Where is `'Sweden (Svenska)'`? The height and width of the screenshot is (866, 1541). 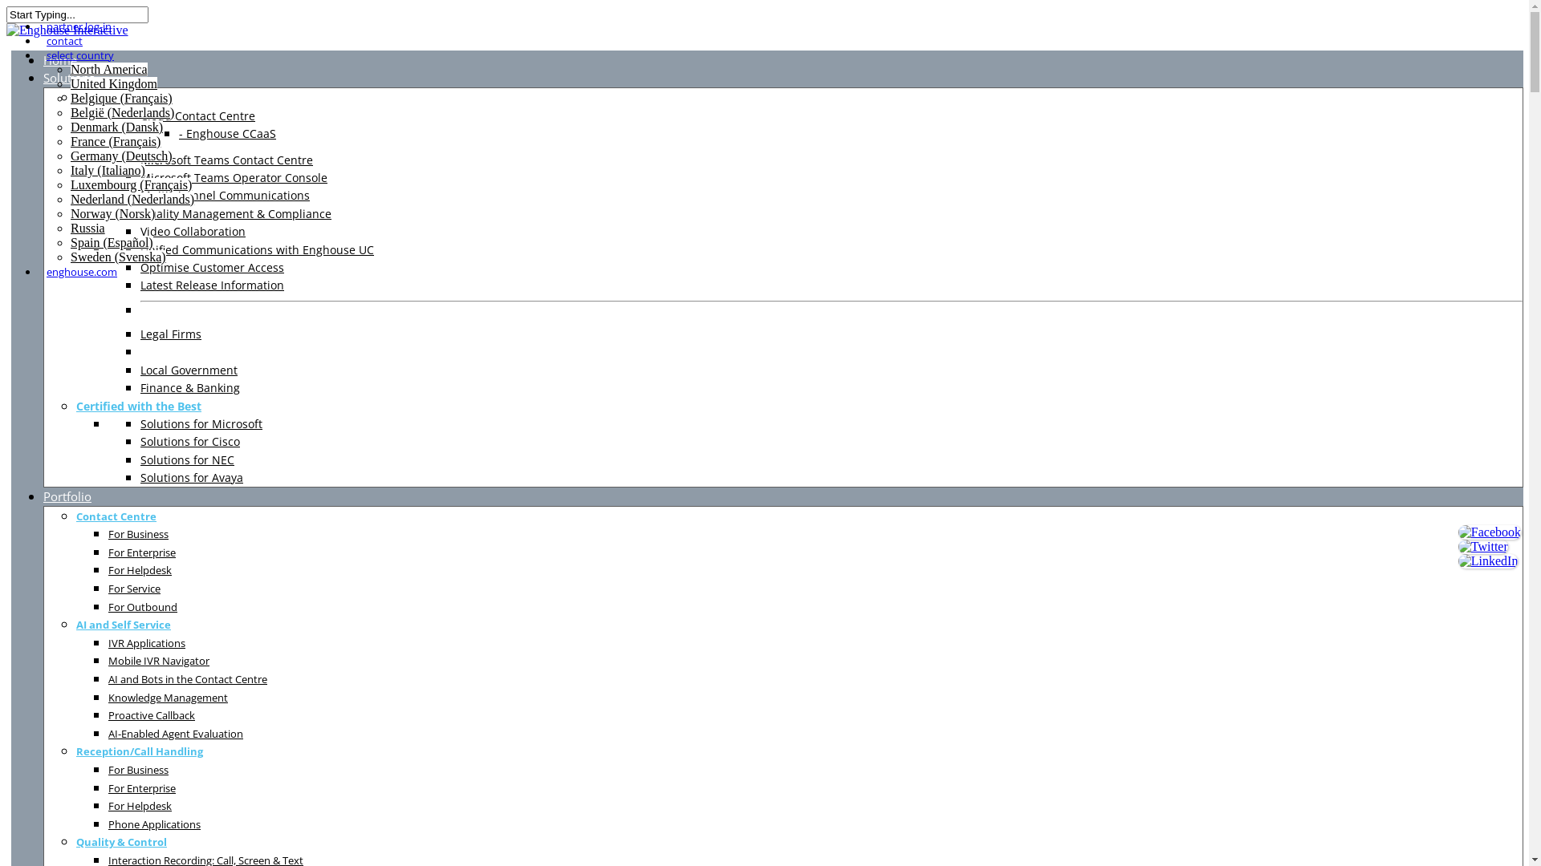
'Sweden (Svenska)' is located at coordinates (117, 256).